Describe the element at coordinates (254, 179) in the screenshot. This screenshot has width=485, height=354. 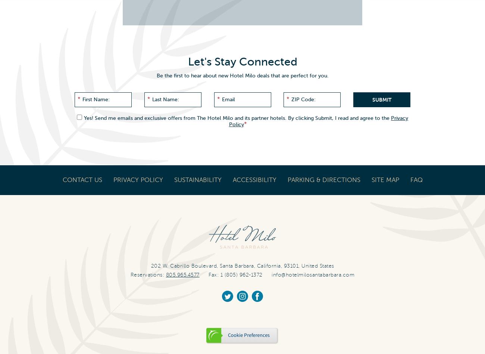
I see `'Accessibility'` at that location.